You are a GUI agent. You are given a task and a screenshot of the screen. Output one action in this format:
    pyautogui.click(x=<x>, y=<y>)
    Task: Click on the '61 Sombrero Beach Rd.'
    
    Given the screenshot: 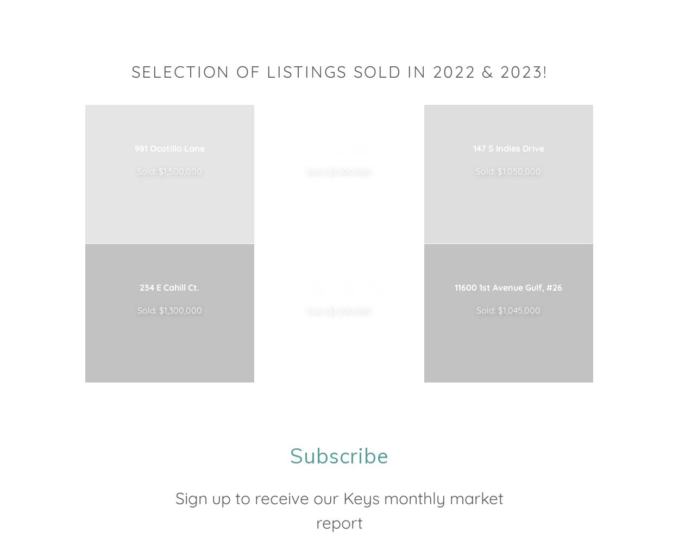 What is the action you would take?
    pyautogui.click(x=338, y=287)
    